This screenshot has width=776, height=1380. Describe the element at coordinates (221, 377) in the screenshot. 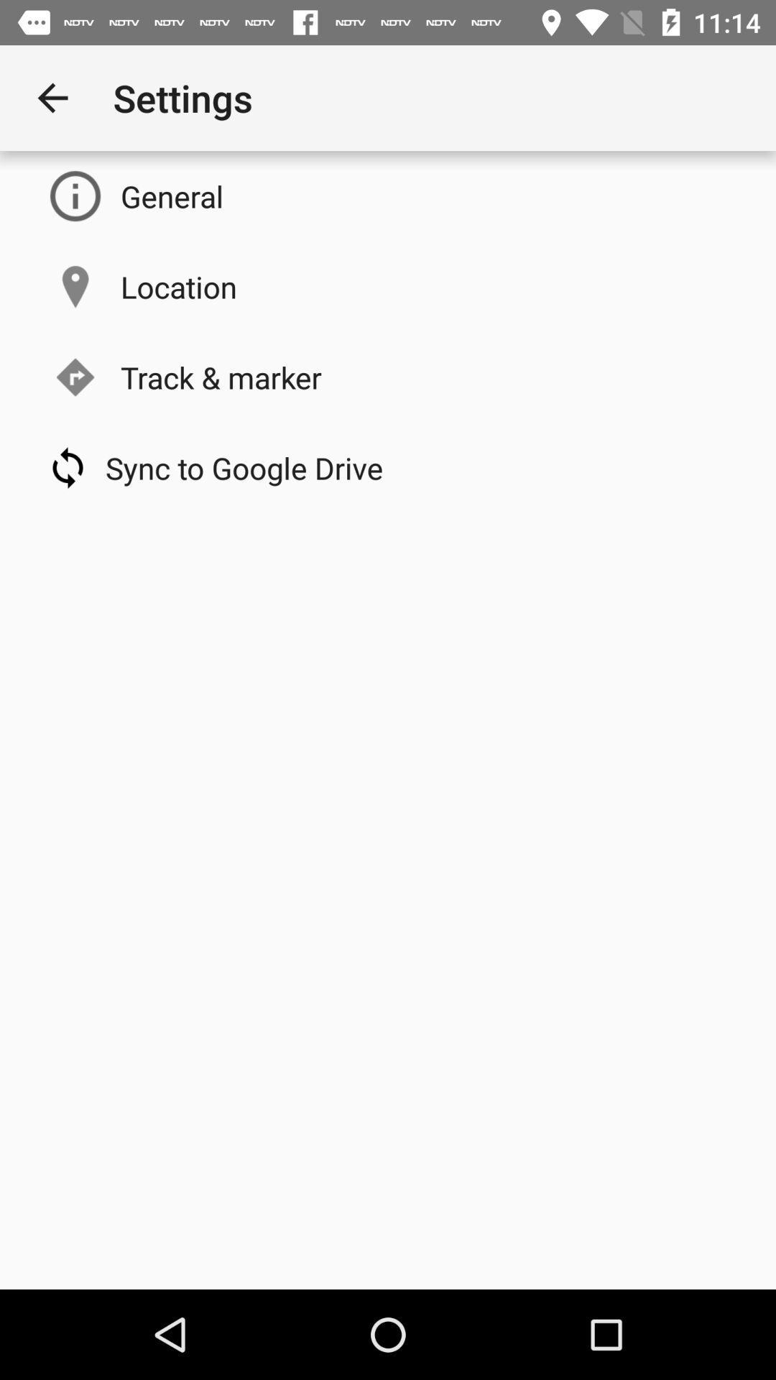

I see `item above the sync to google` at that location.